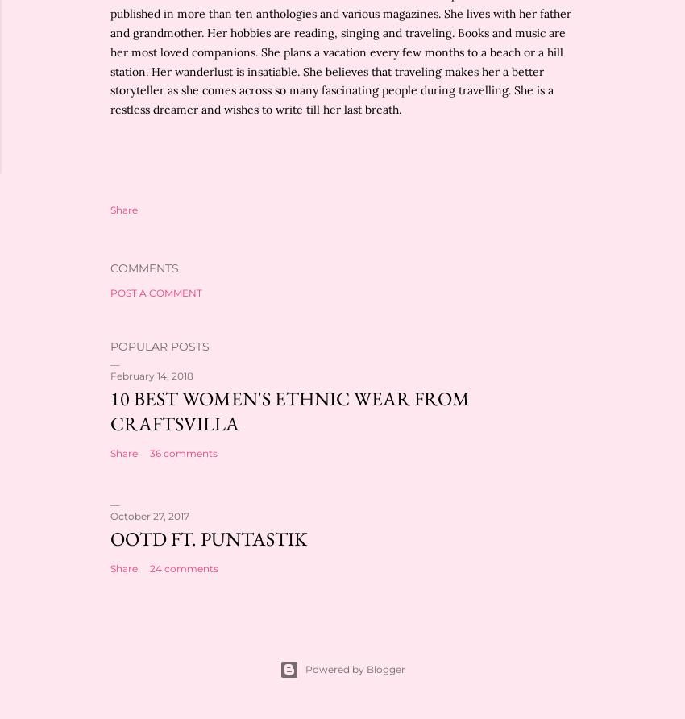 The width and height of the screenshot is (685, 719). Describe the element at coordinates (159, 346) in the screenshot. I see `'Popular Posts'` at that location.